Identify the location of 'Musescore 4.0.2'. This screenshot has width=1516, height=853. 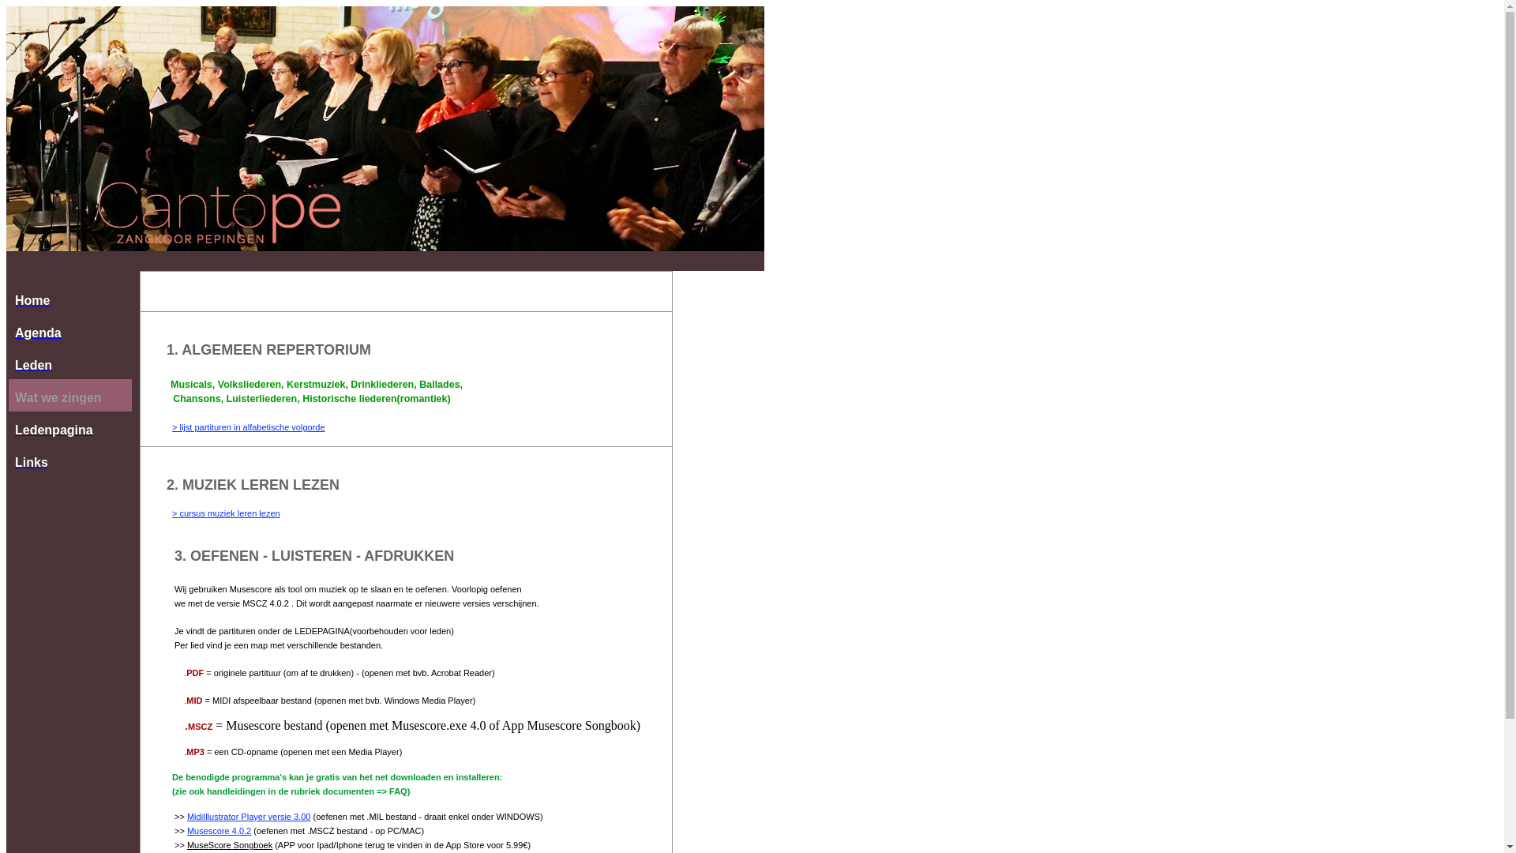
(218, 830).